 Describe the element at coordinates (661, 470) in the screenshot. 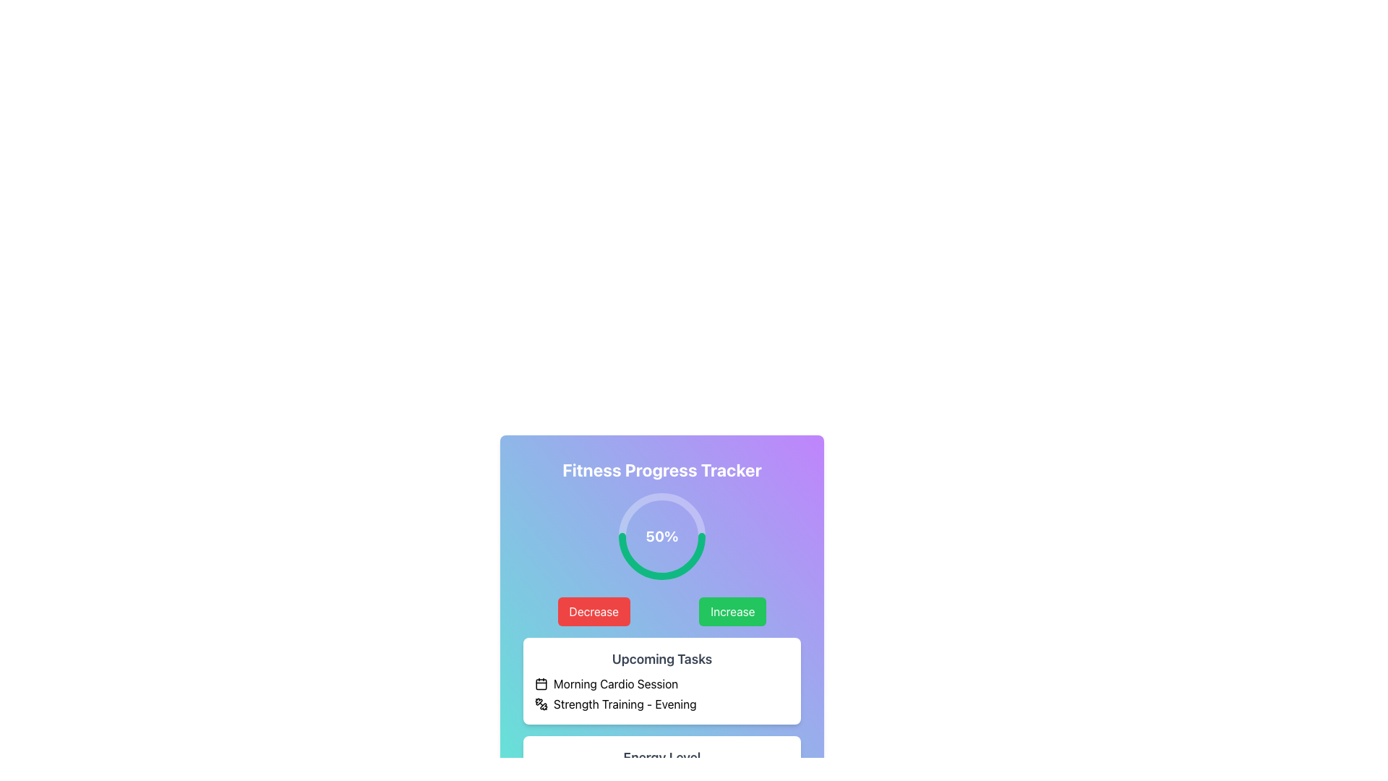

I see `the title text of the fitness progress tracking card, which is located at the top of the card and indicates the main subject of the interface` at that location.